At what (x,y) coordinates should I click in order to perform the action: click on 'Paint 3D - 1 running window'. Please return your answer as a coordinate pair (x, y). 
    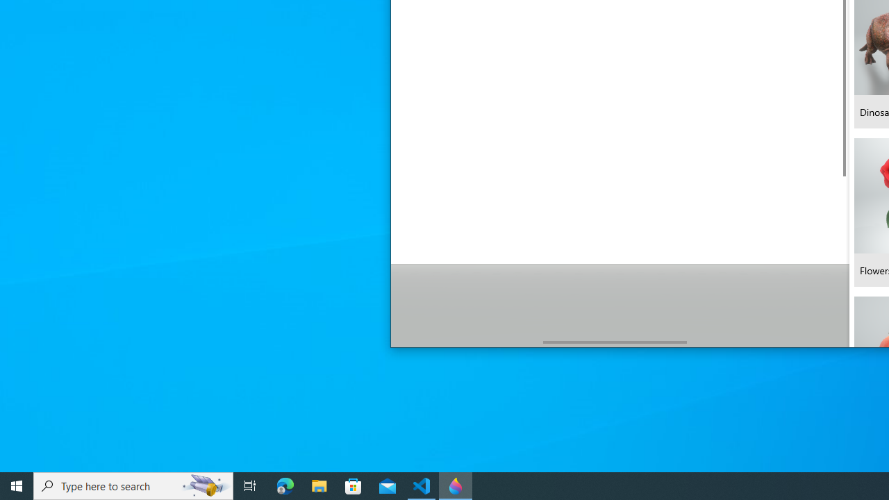
    Looking at the image, I should click on (456, 485).